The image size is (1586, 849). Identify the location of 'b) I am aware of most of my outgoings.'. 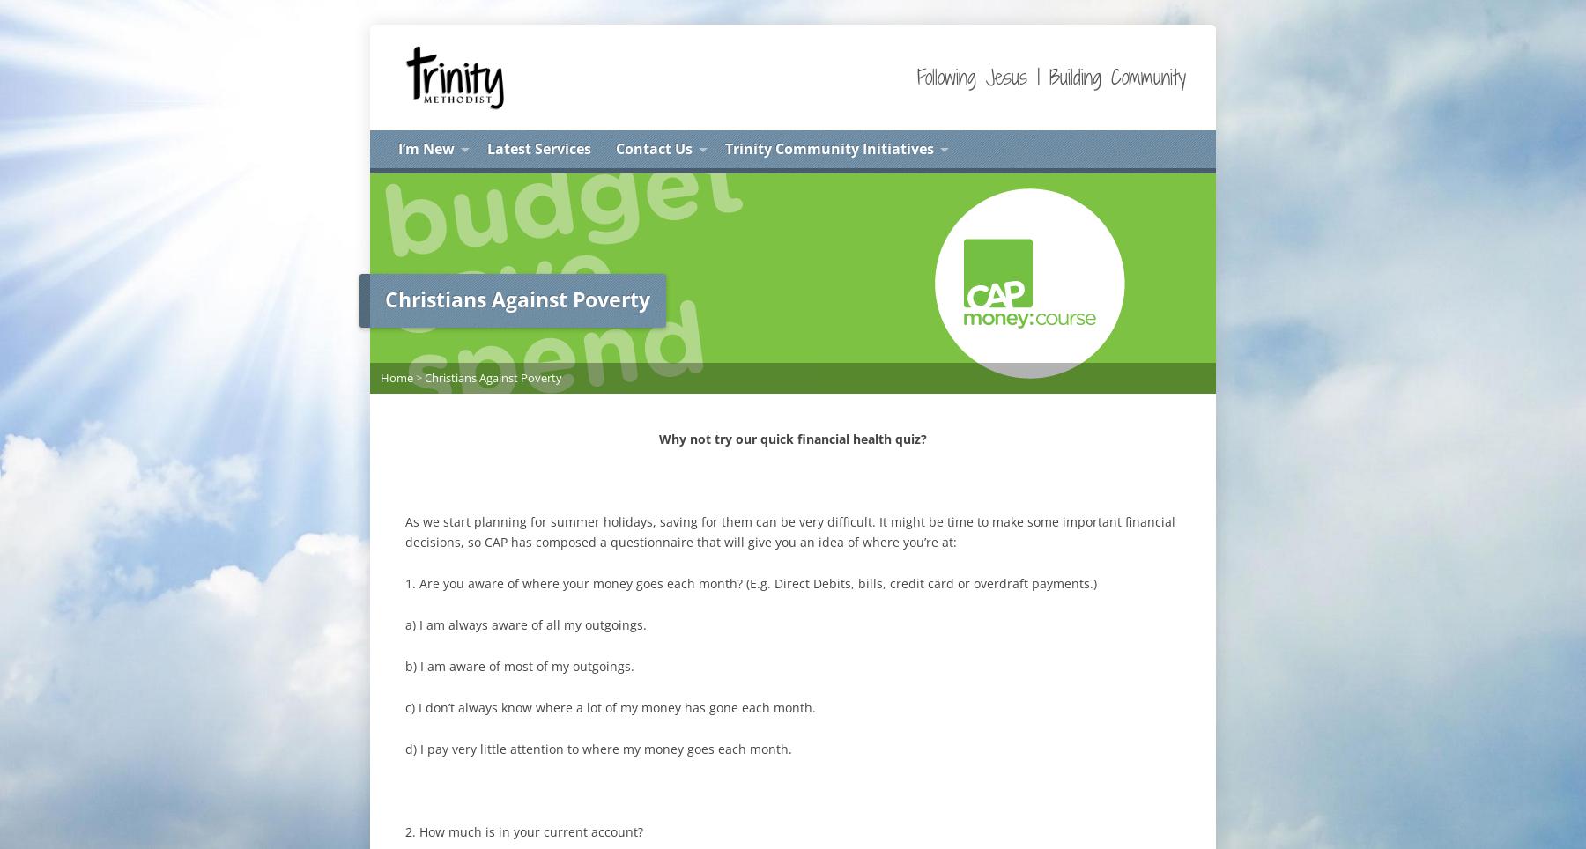
(520, 664).